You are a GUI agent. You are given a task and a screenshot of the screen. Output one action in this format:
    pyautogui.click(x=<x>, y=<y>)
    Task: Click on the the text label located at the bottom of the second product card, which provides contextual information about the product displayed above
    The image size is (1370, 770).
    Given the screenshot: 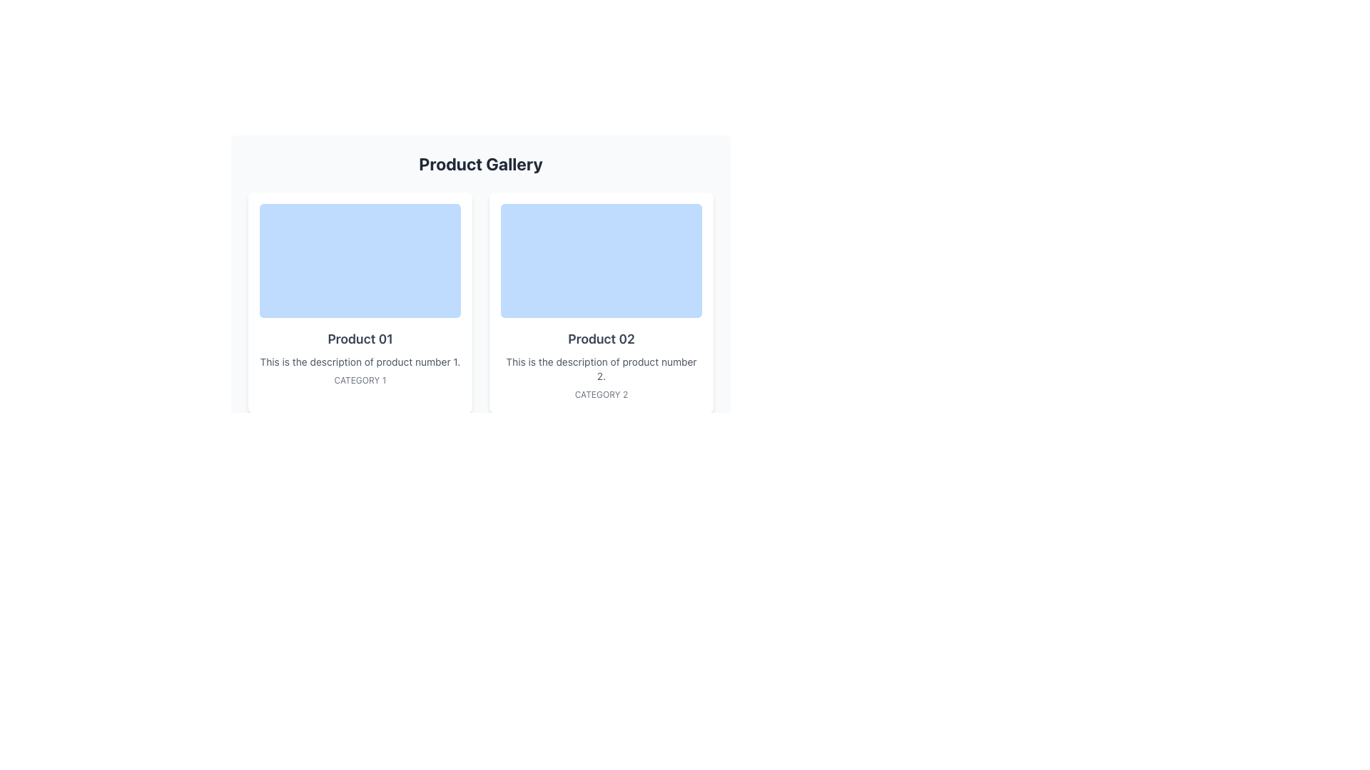 What is the action you would take?
    pyautogui.click(x=602, y=395)
    